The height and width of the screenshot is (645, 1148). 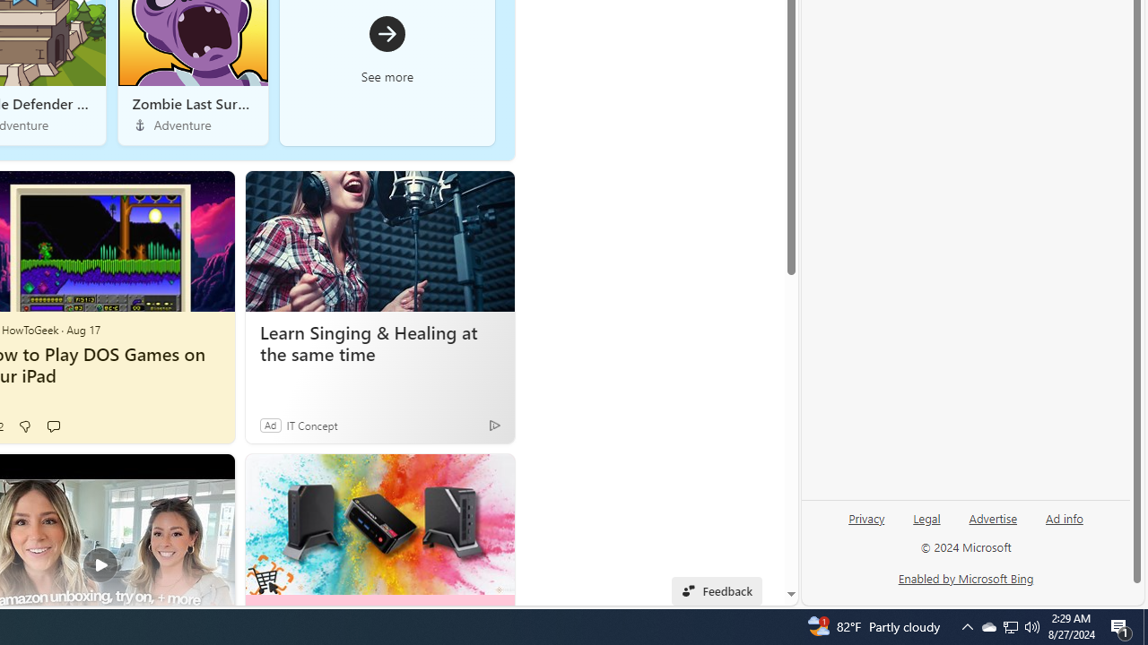 I want to click on 'Ad info', so click(x=1064, y=524).